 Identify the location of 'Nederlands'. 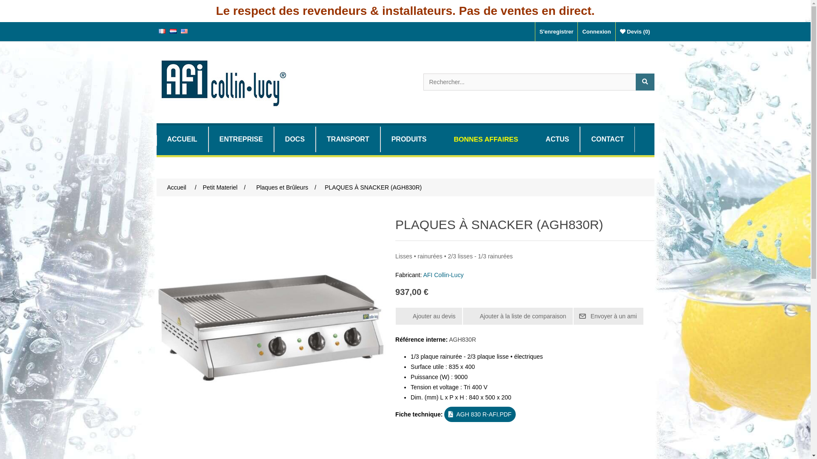
(172, 31).